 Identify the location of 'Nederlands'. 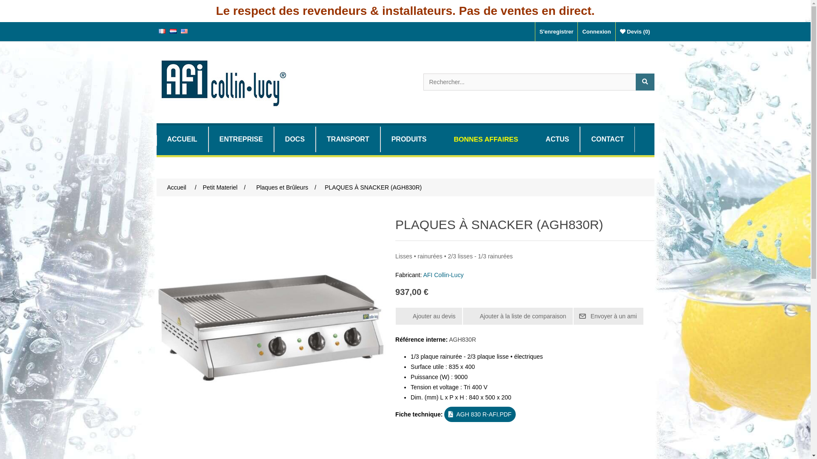
(172, 31).